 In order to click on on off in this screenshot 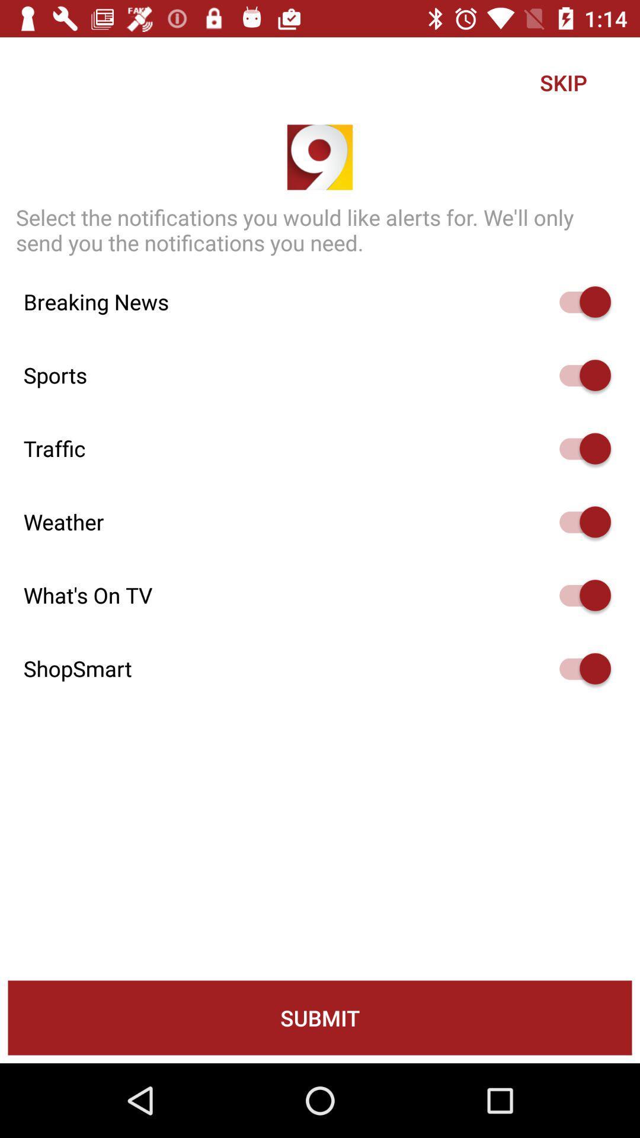, I will do `click(579, 302)`.